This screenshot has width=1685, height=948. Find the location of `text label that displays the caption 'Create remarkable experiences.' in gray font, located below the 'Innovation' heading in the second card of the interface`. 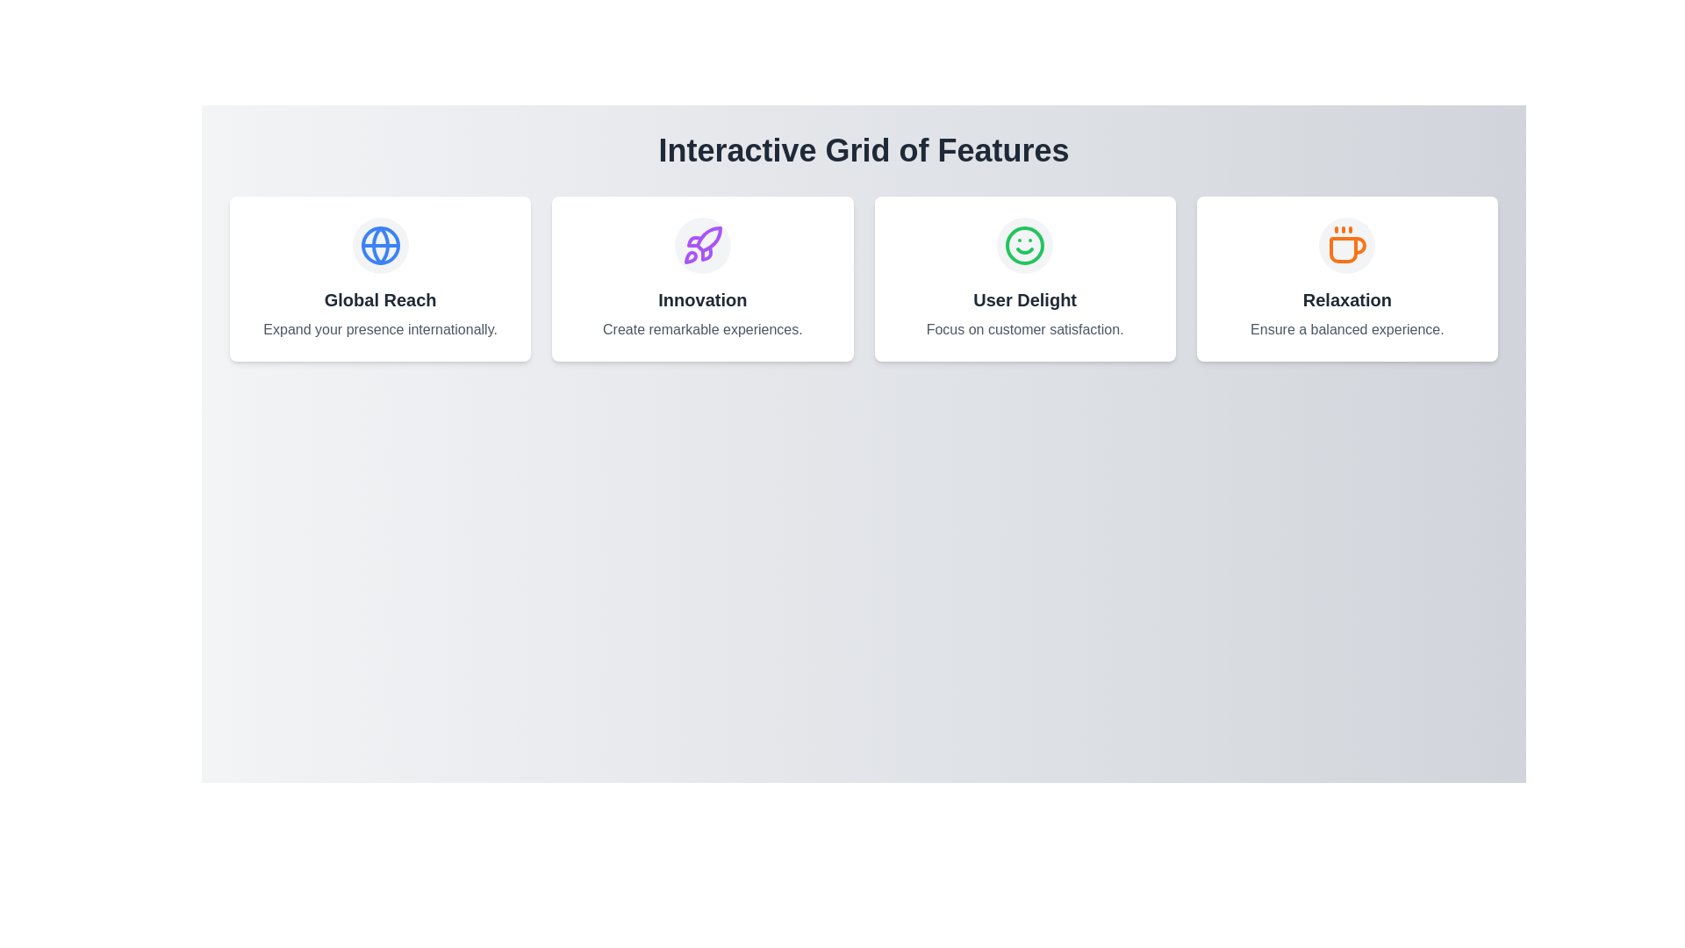

text label that displays the caption 'Create remarkable experiences.' in gray font, located below the 'Innovation' heading in the second card of the interface is located at coordinates (702, 329).